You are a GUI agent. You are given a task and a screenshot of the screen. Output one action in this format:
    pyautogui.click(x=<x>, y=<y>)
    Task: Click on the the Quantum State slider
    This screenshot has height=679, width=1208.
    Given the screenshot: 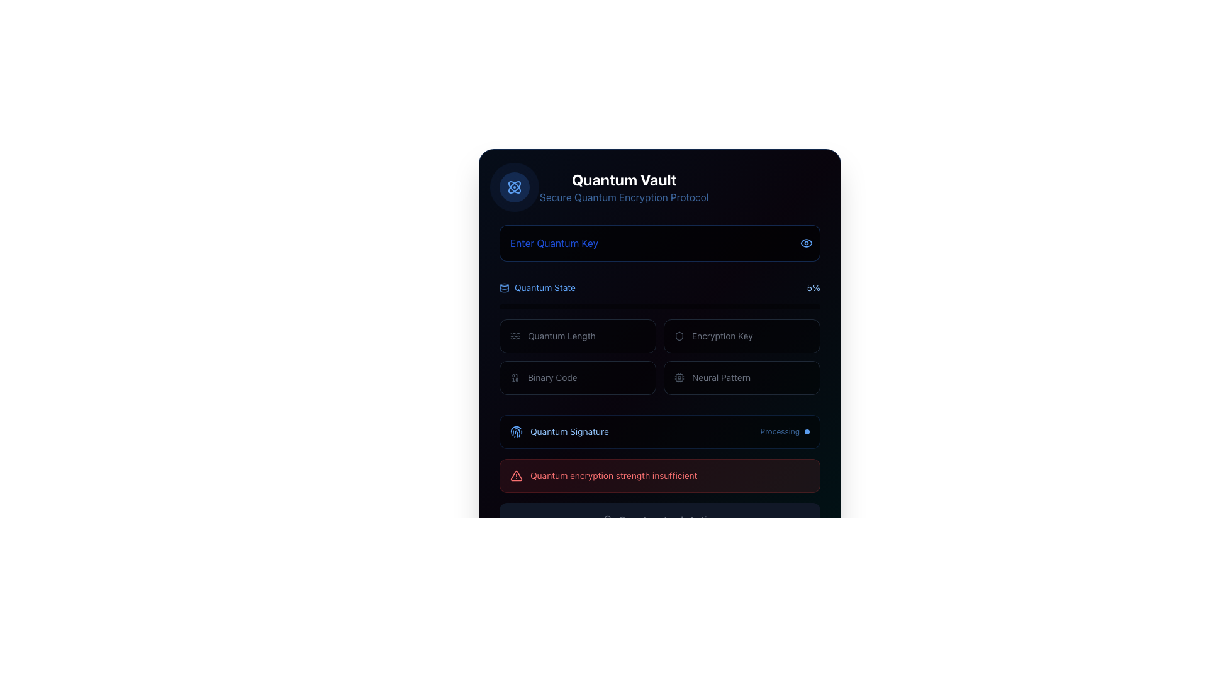 What is the action you would take?
    pyautogui.click(x=640, y=307)
    